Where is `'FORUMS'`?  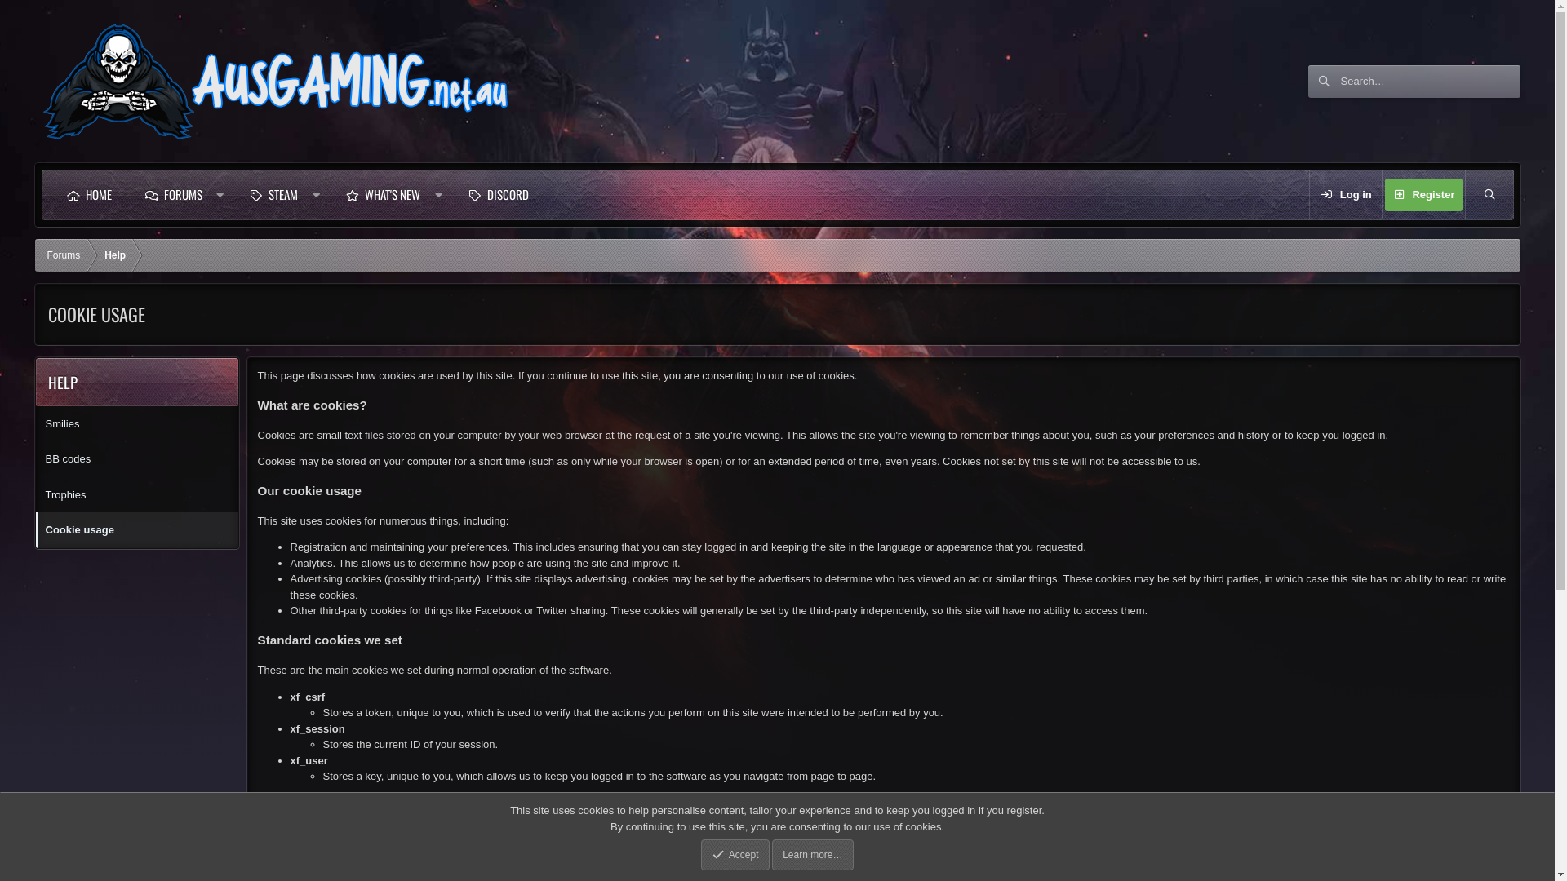
'FORUMS' is located at coordinates (172, 194).